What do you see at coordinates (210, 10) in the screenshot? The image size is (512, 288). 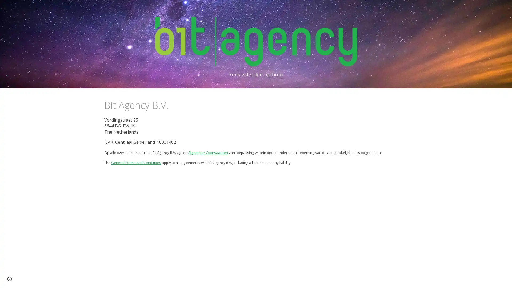 I see `Skip to main content` at bounding box center [210, 10].